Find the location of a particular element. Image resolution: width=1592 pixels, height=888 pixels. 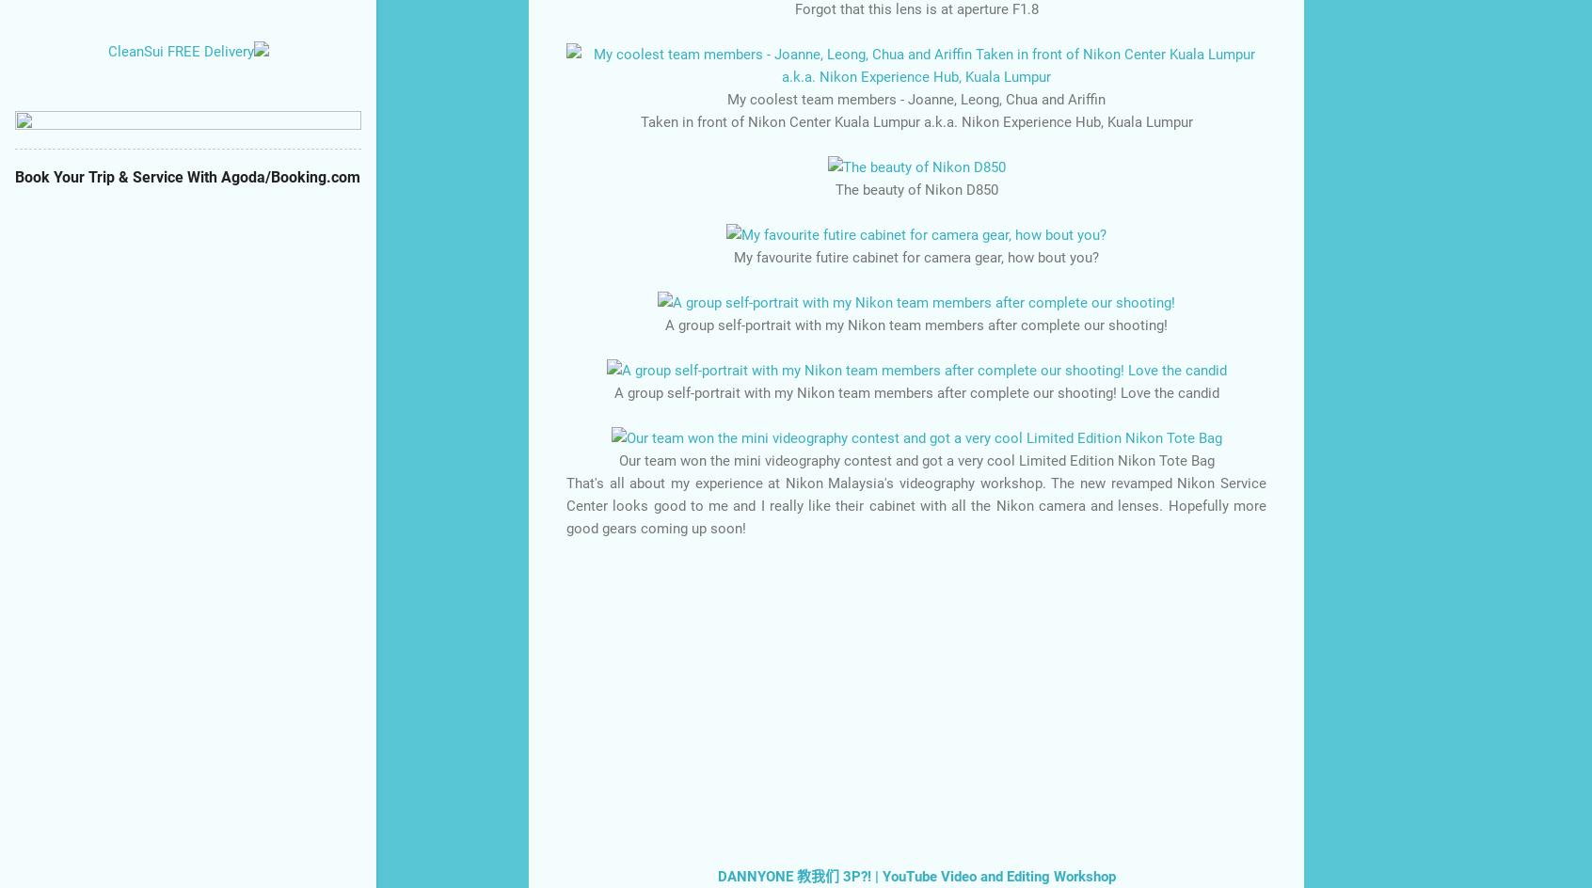

'A group self-portrait with my Nikon team members after complete our shooting! Love the candid' is located at coordinates (915, 390).